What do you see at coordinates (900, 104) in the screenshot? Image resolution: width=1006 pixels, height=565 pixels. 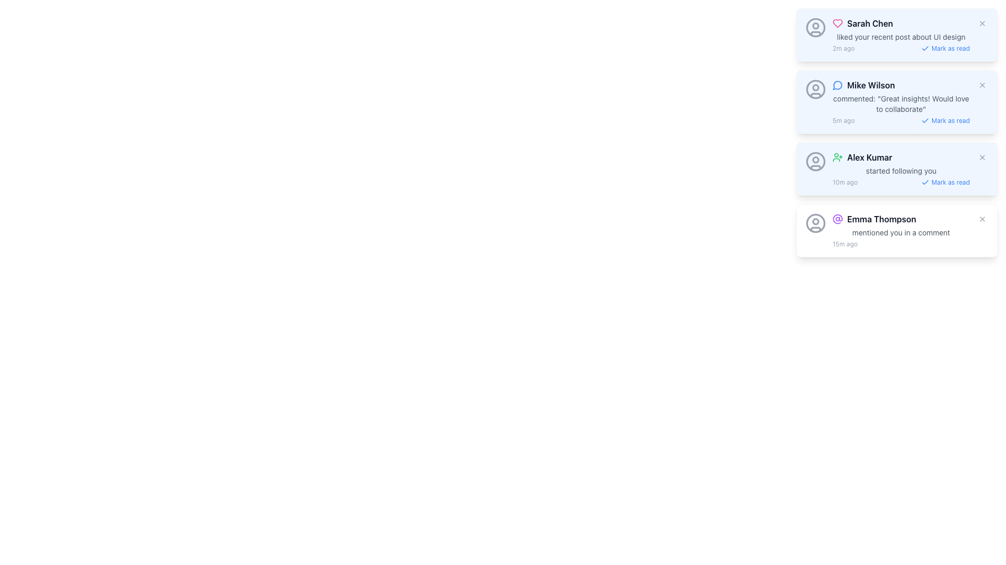 I see `the text block displaying the comment 'commented: "Great insights! Would love to collaborate"' under the username 'Mike Wilson' in the notification card` at bounding box center [900, 104].